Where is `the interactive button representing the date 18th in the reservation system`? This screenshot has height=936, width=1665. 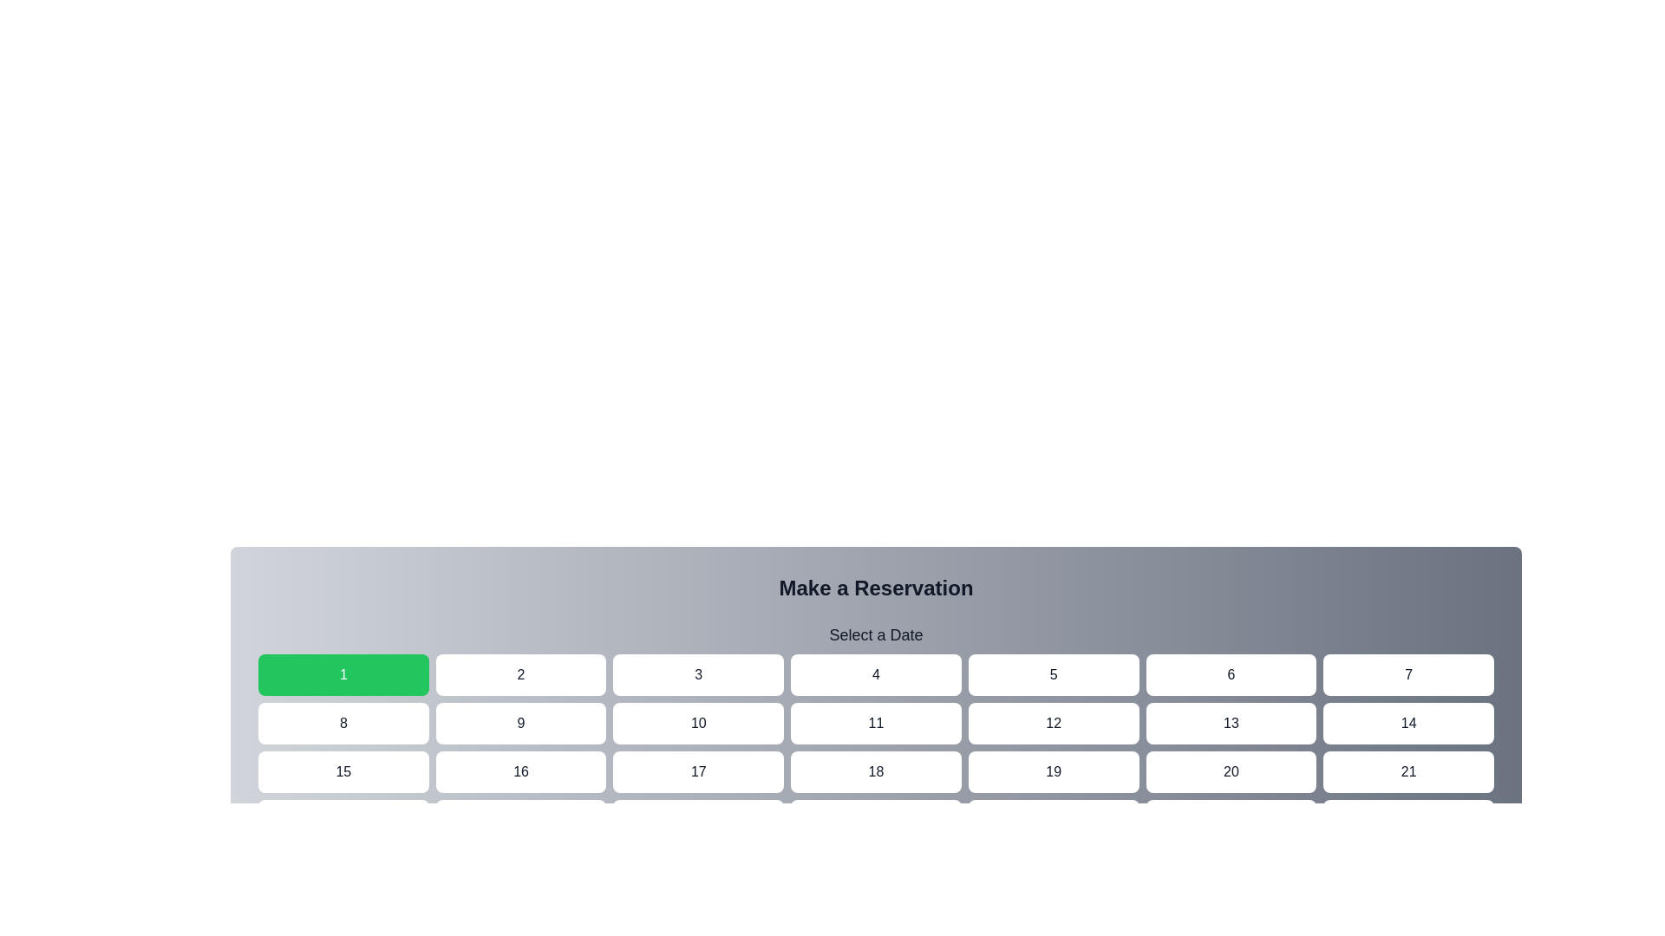
the interactive button representing the date 18th in the reservation system is located at coordinates (876, 771).